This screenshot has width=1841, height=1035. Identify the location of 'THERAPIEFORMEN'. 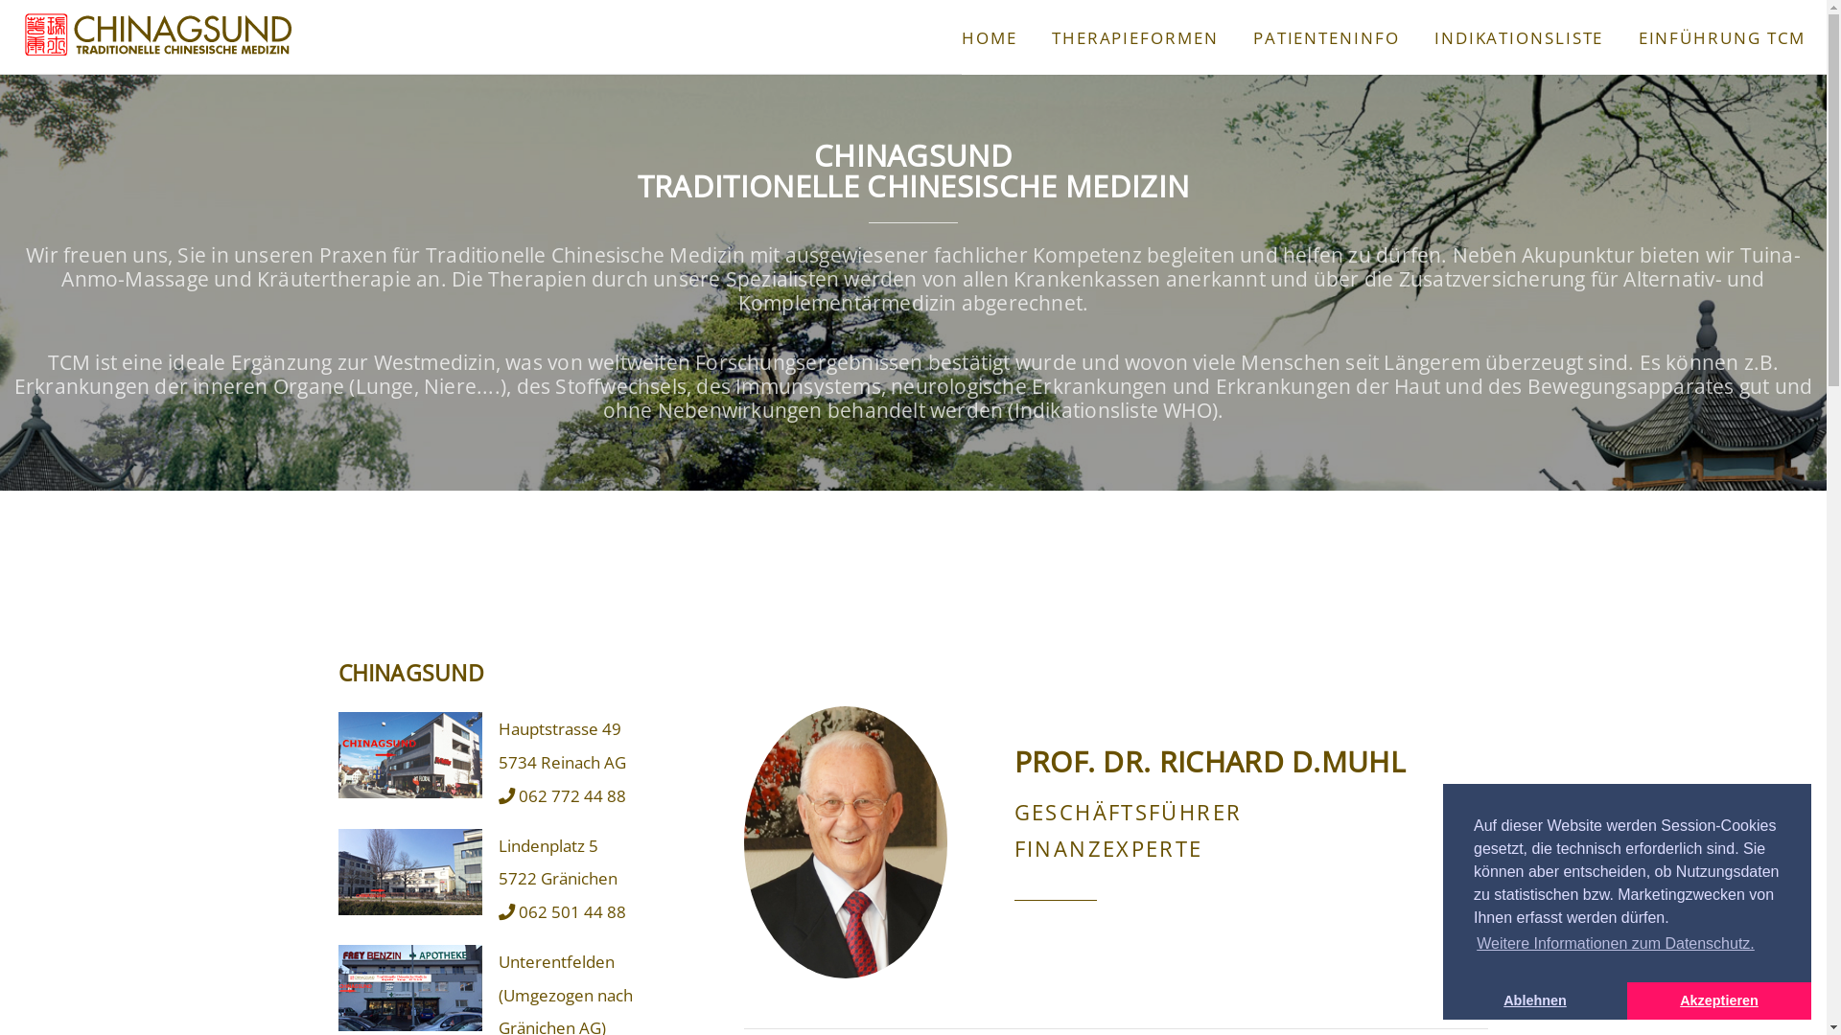
(1135, 36).